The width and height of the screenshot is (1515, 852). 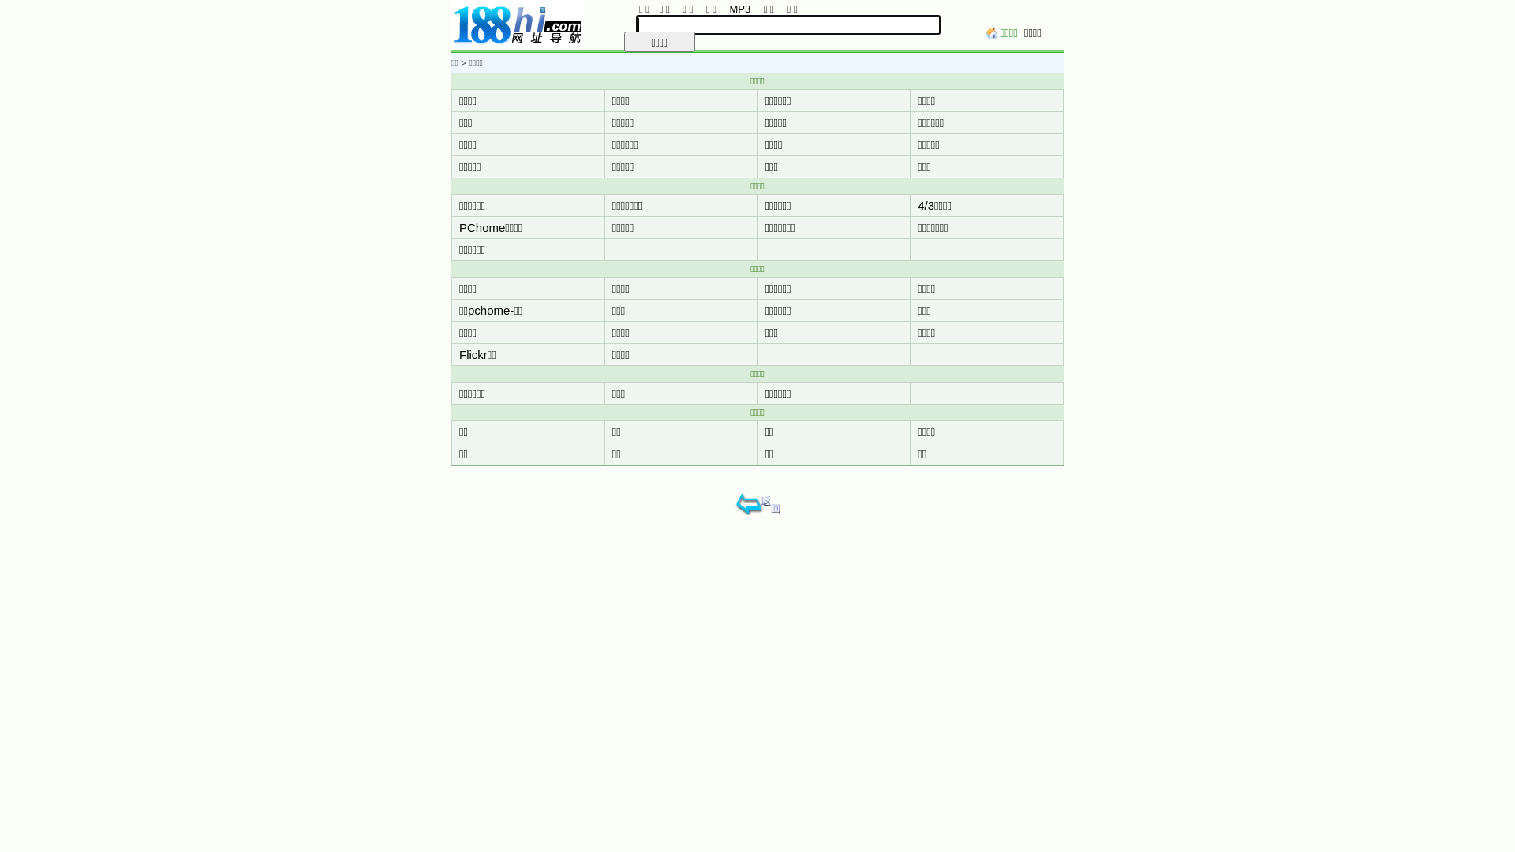 I want to click on 'MP3', so click(x=725, y=9).